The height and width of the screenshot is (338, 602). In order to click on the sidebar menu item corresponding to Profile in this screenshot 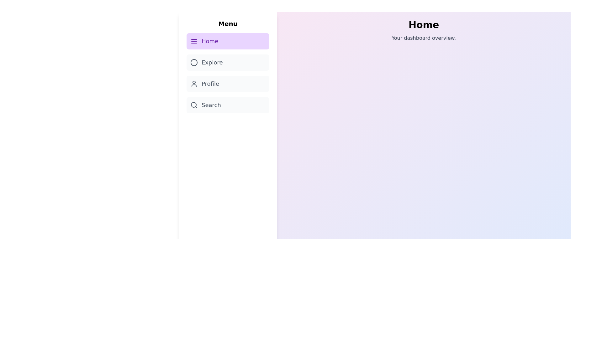, I will do `click(227, 83)`.